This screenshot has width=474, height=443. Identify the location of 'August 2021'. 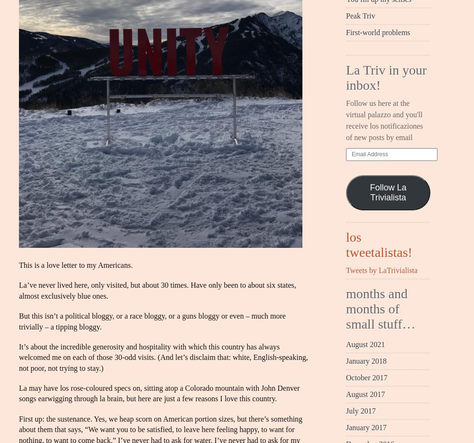
(346, 344).